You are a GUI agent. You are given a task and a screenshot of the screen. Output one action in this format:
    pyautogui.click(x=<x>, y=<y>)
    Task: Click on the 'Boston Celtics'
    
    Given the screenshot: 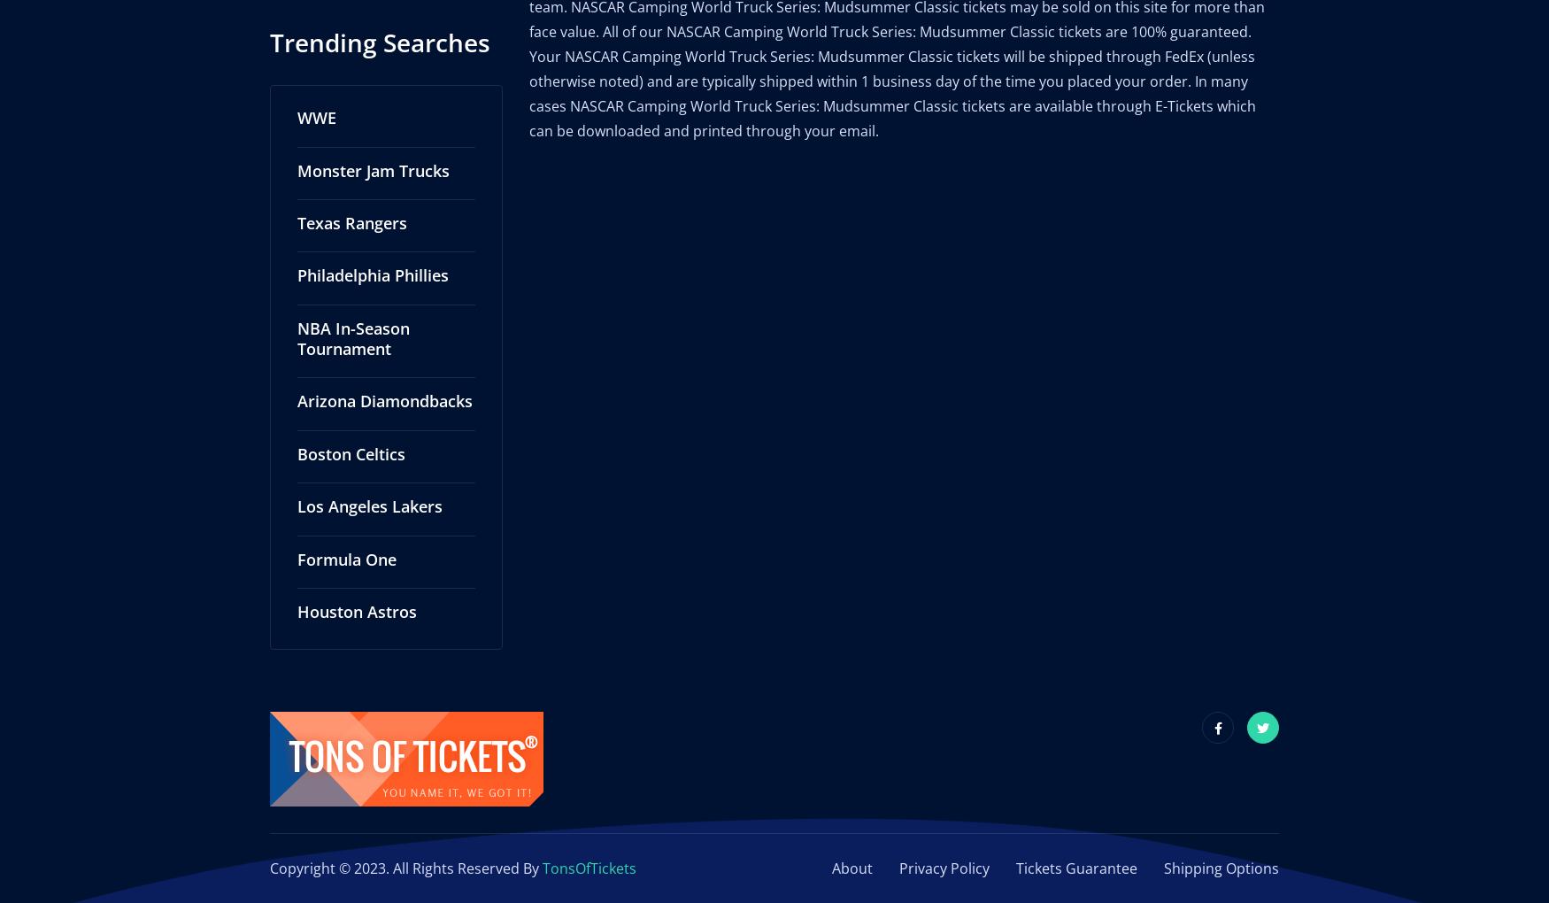 What is the action you would take?
    pyautogui.click(x=351, y=434)
    